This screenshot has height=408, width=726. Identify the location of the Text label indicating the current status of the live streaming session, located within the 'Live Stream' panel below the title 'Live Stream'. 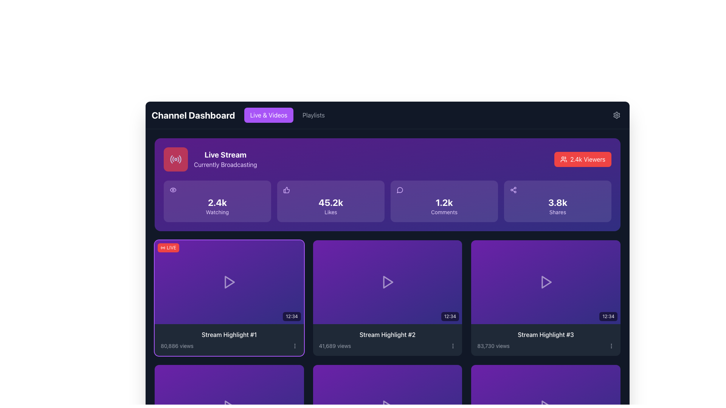
(225, 164).